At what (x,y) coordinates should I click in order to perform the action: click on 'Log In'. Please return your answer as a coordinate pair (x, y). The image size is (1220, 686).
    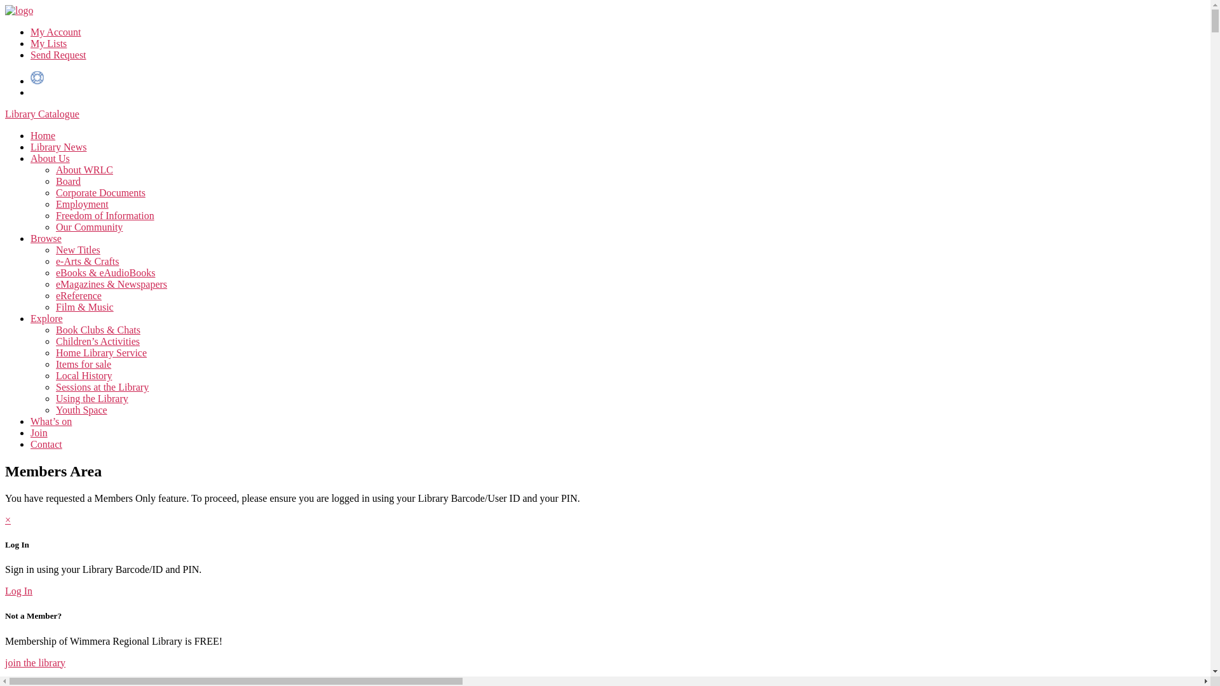
    Looking at the image, I should click on (18, 591).